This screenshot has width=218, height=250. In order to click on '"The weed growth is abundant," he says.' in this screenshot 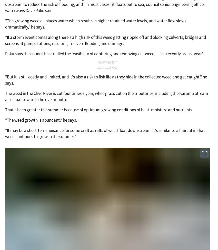, I will do `click(41, 119)`.